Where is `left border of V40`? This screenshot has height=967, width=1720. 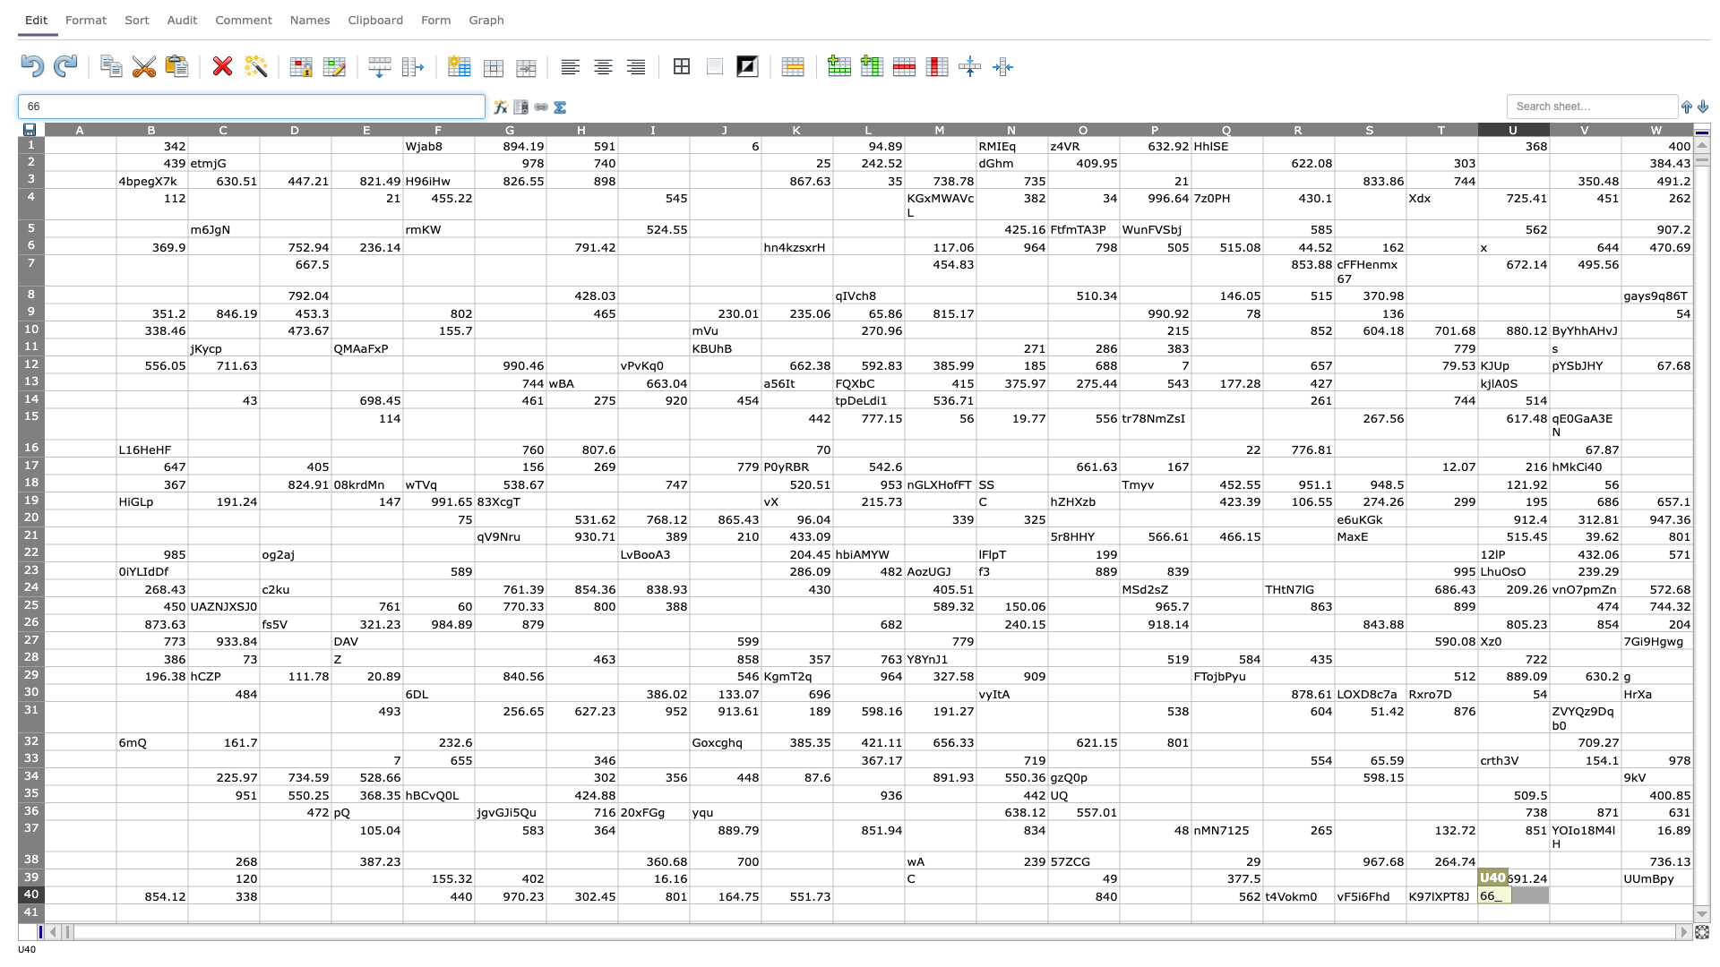
left border of V40 is located at coordinates (1548, 894).